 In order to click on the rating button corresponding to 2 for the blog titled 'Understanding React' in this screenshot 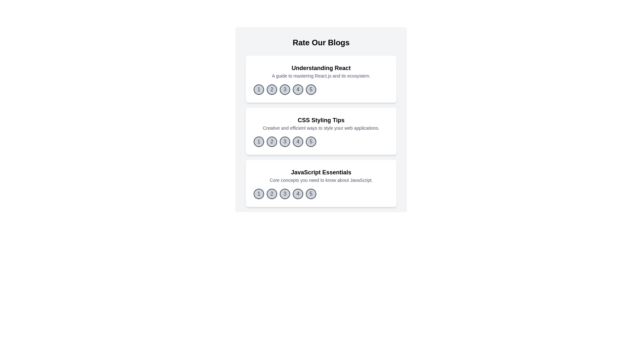, I will do `click(272, 89)`.